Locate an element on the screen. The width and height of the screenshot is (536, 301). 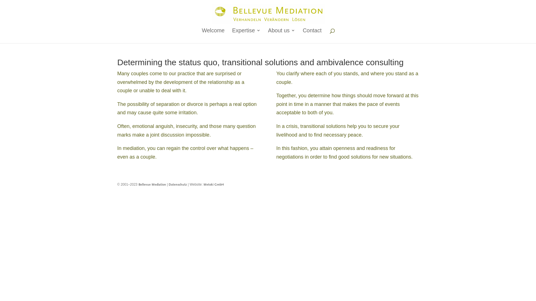
'Bellevue Mediation' is located at coordinates (138, 185).